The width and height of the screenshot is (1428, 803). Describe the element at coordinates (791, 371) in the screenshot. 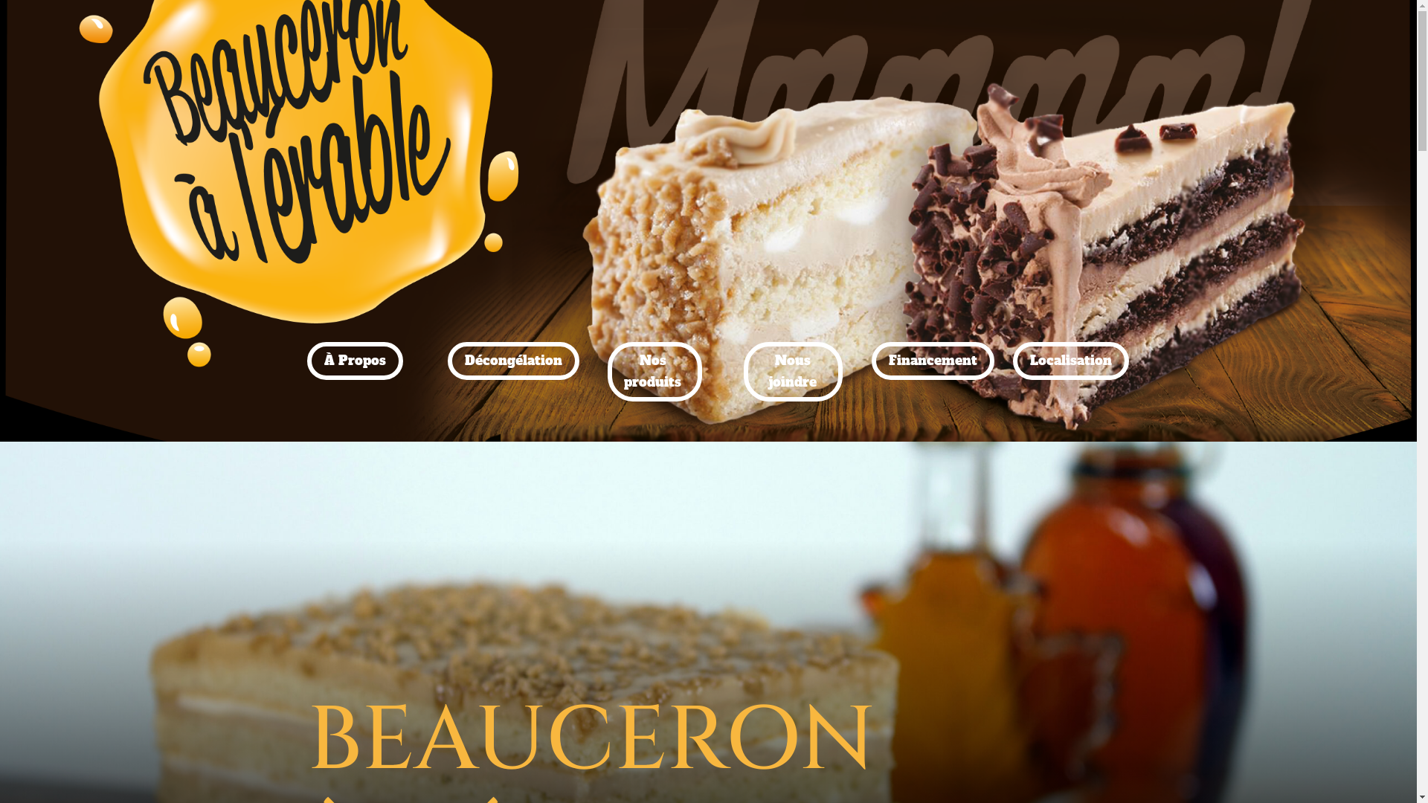

I see `'Nous joindre'` at that location.